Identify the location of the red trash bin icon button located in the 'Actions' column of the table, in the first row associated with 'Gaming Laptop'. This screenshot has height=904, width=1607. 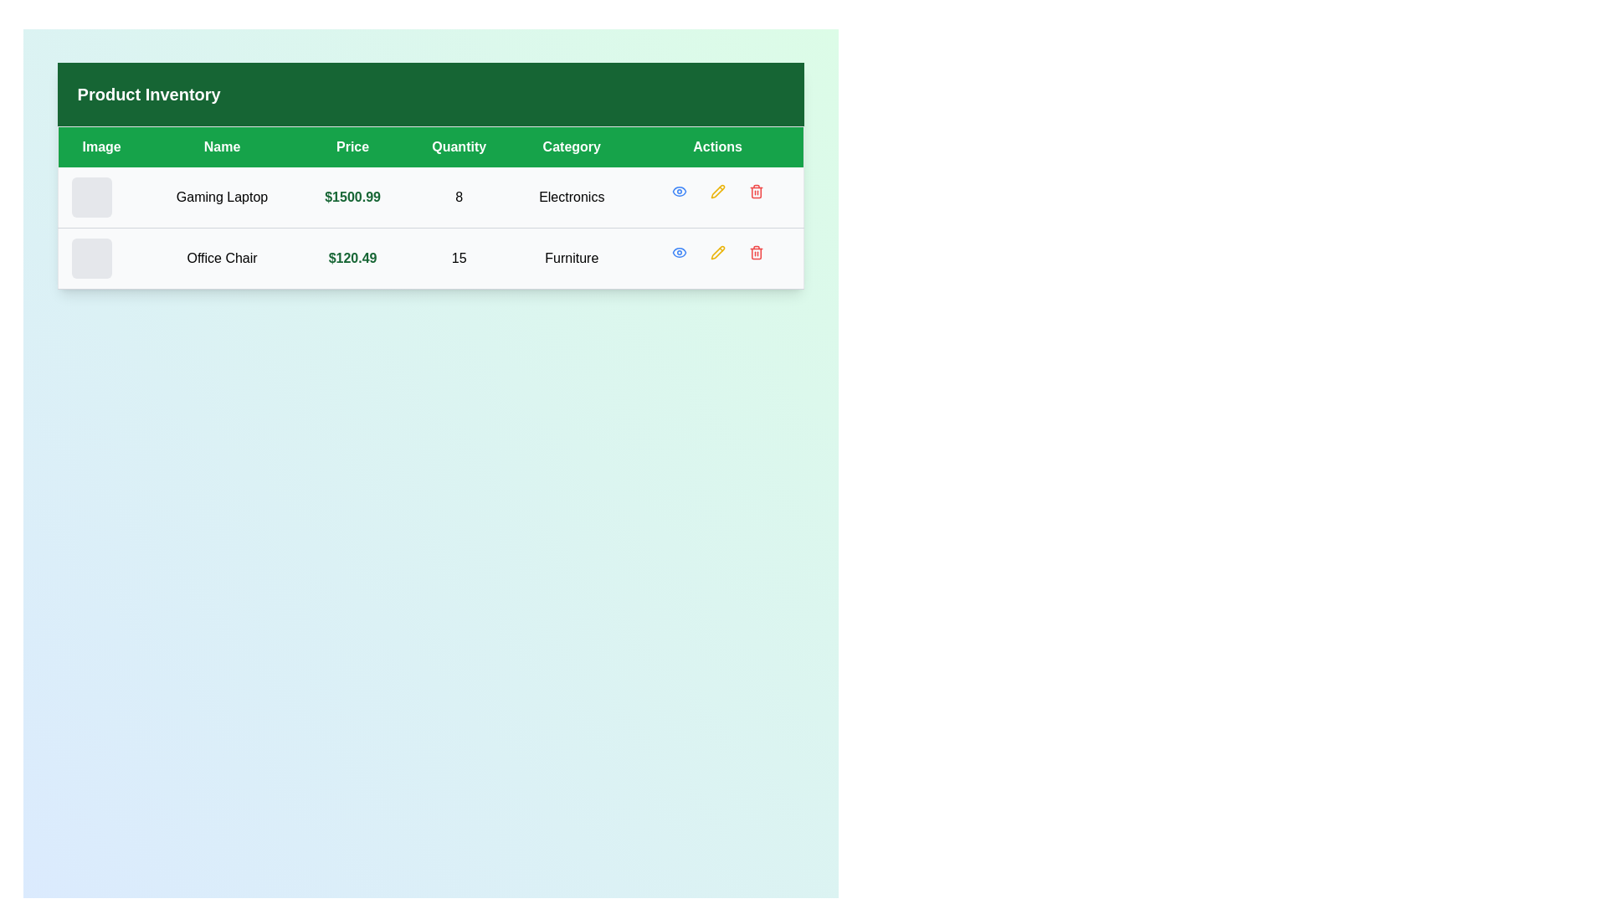
(755, 190).